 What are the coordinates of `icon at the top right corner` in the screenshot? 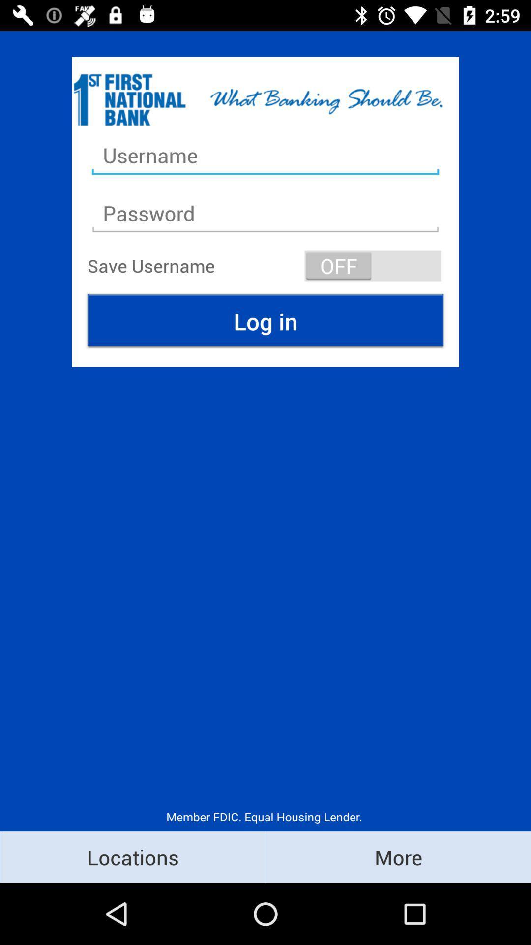 It's located at (373, 265).